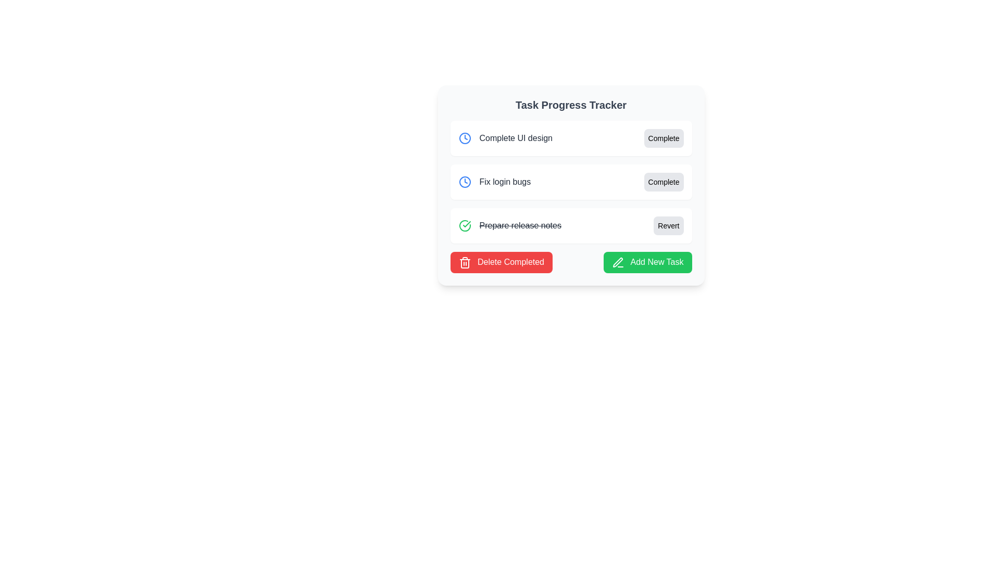  What do you see at coordinates (464, 138) in the screenshot?
I see `the circular outline inside the clock-shaped icon, located in the second row of the task tracker list, to the left of the text 'Fix login bugs'` at bounding box center [464, 138].